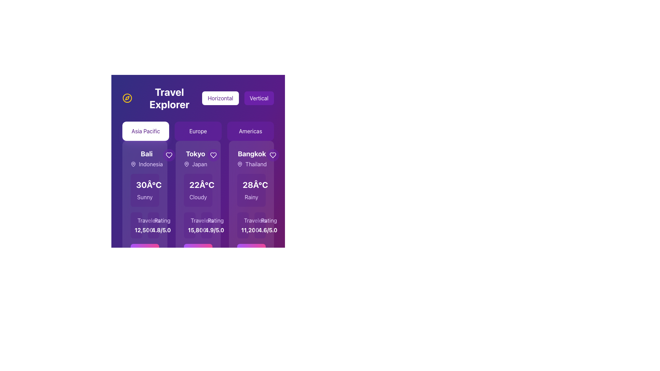  Describe the element at coordinates (255, 184) in the screenshot. I see `the text label displaying '28Â°C' in bold white font on a purple background, which is located in the weather card for Bangkok, Thailand` at that location.